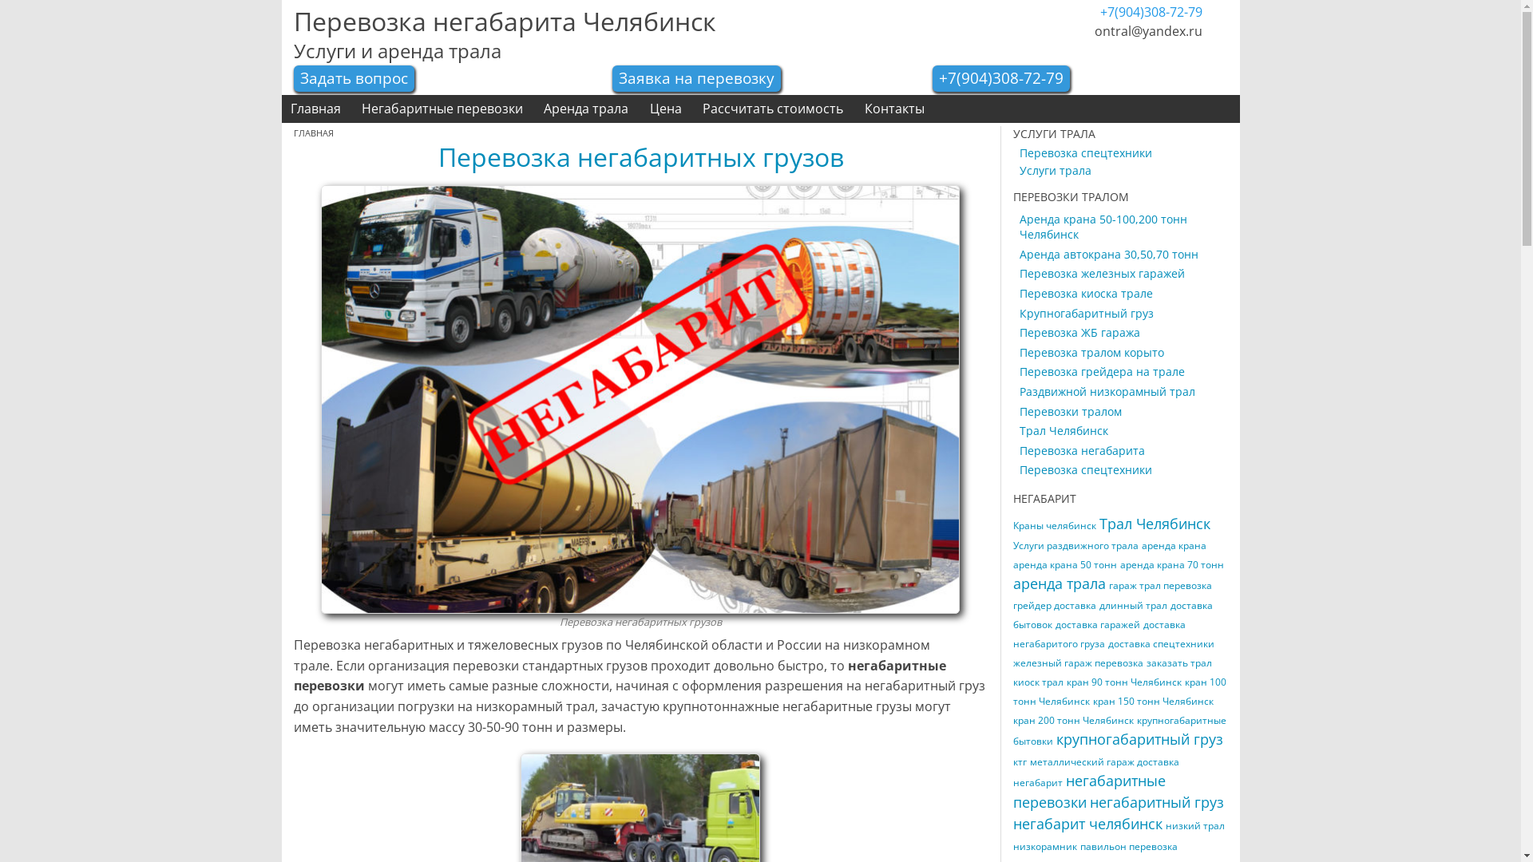 This screenshot has height=862, width=1533. Describe the element at coordinates (1151, 12) in the screenshot. I see `'+7(904)308-72-79'` at that location.